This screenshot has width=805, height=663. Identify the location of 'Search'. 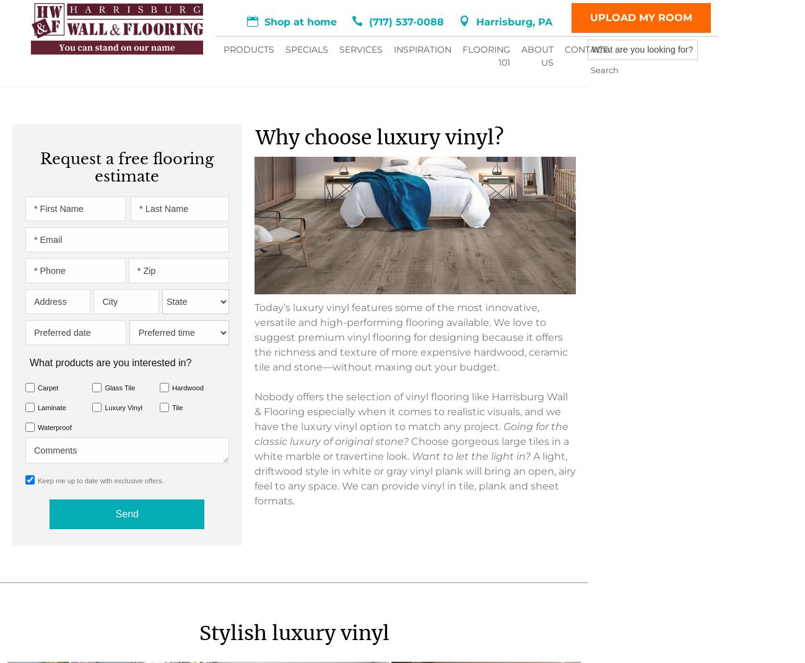
(475, 53).